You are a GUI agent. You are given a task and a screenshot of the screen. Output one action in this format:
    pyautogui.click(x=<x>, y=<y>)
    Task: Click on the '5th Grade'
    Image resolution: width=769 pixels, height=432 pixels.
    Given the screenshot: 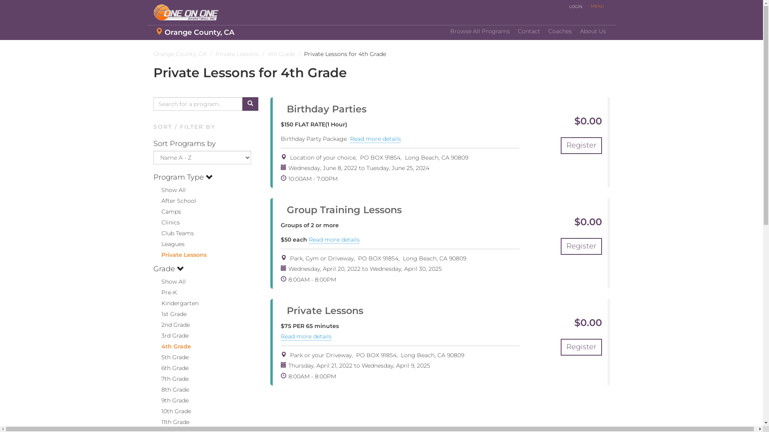 What is the action you would take?
    pyautogui.click(x=170, y=357)
    